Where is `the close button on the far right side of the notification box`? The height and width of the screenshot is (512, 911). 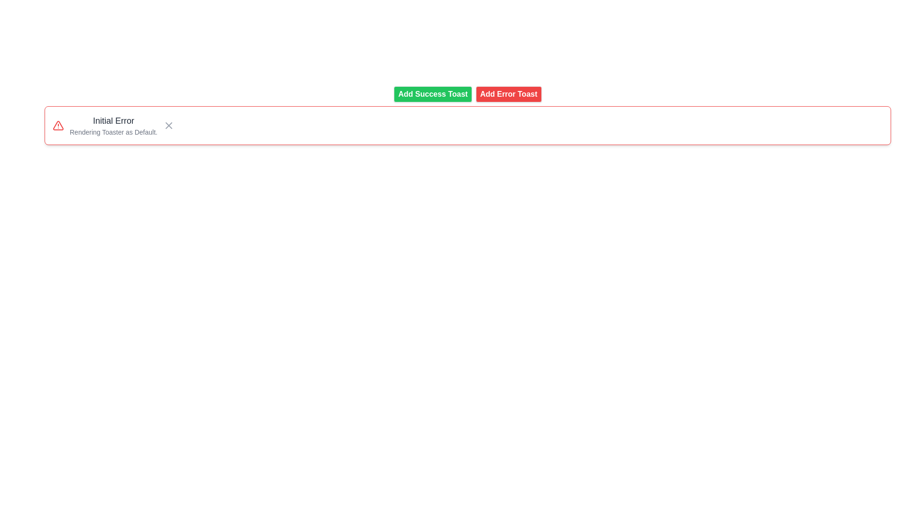 the close button on the far right side of the notification box is located at coordinates (168, 125).